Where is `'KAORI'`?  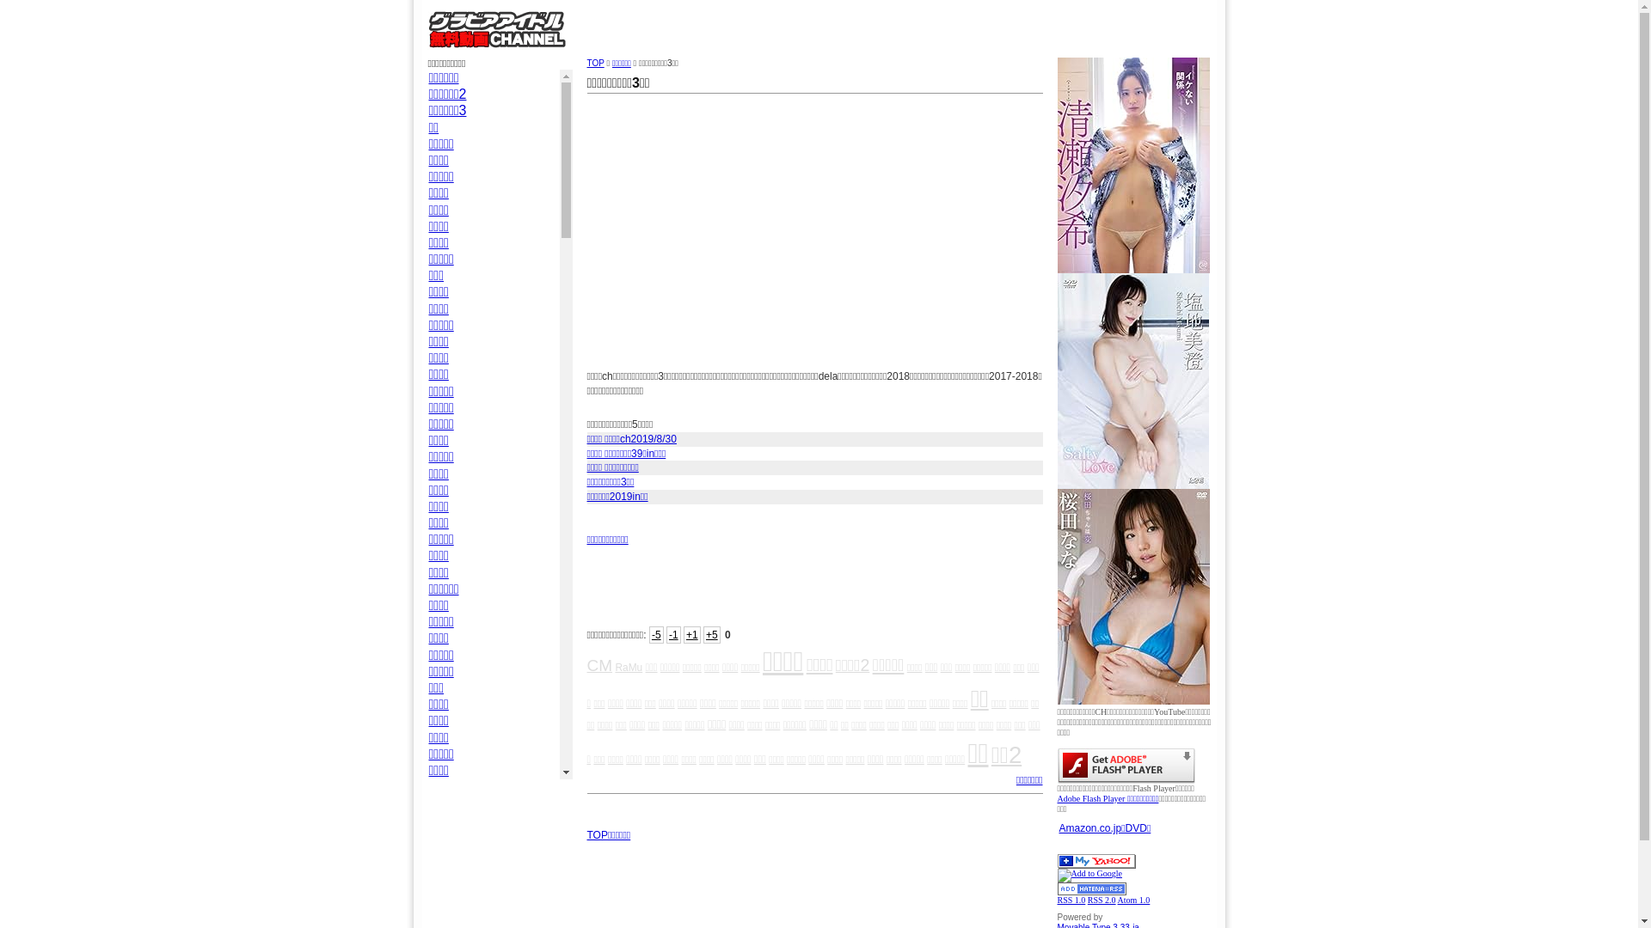 'KAORI' is located at coordinates (450, 818).